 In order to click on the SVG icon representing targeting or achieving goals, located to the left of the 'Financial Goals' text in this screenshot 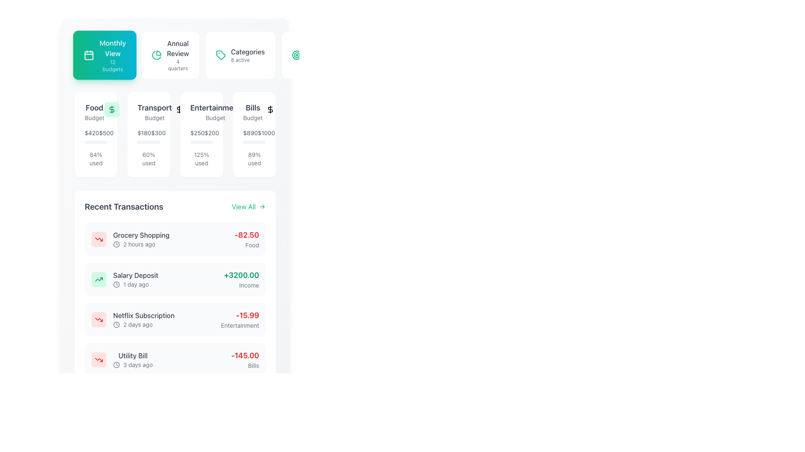, I will do `click(296, 55)`.